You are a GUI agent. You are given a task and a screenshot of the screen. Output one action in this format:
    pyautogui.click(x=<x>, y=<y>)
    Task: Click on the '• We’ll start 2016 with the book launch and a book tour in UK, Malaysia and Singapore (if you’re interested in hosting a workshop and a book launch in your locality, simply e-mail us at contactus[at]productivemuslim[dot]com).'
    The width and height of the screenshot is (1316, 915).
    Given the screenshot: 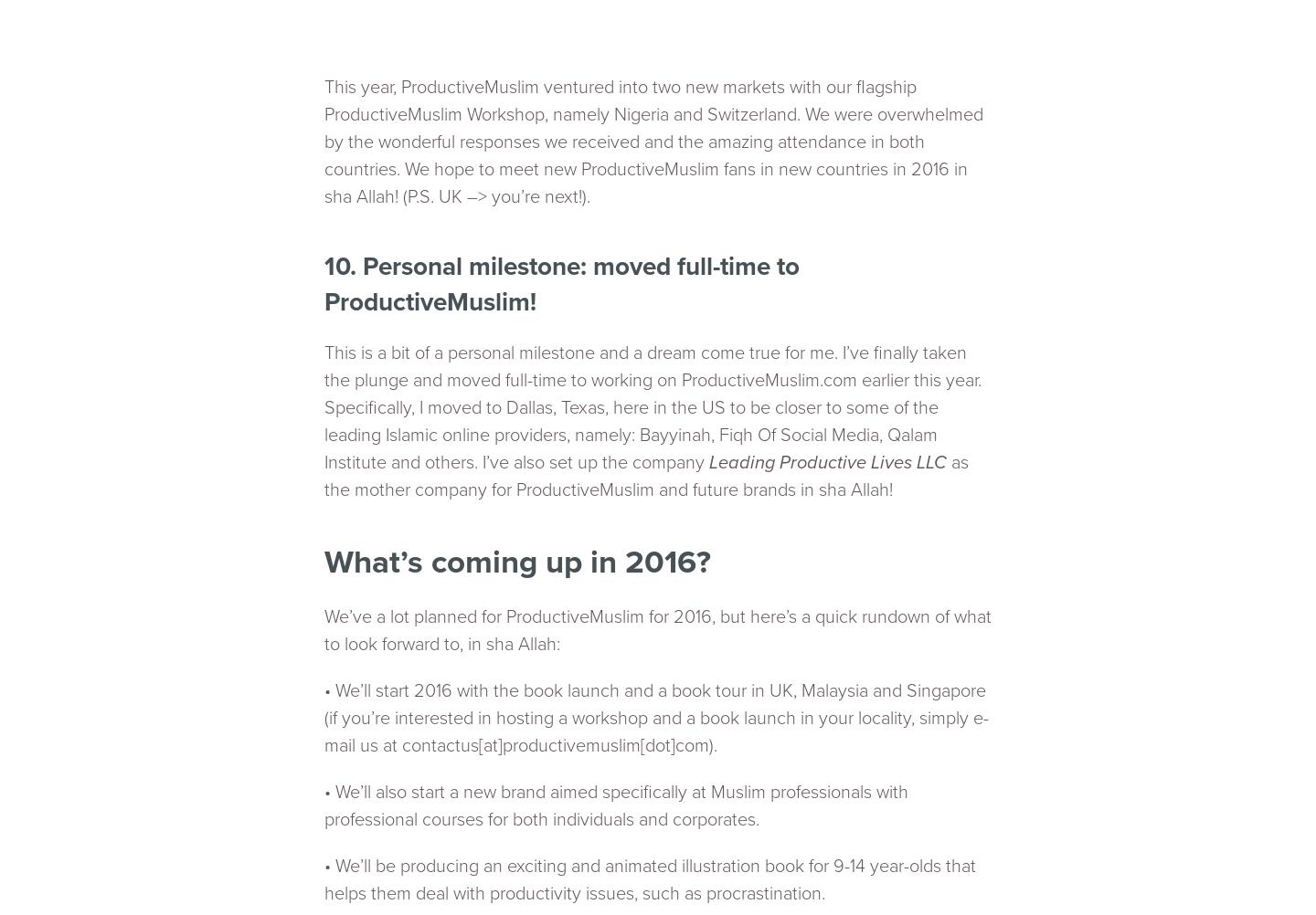 What is the action you would take?
    pyautogui.click(x=324, y=716)
    